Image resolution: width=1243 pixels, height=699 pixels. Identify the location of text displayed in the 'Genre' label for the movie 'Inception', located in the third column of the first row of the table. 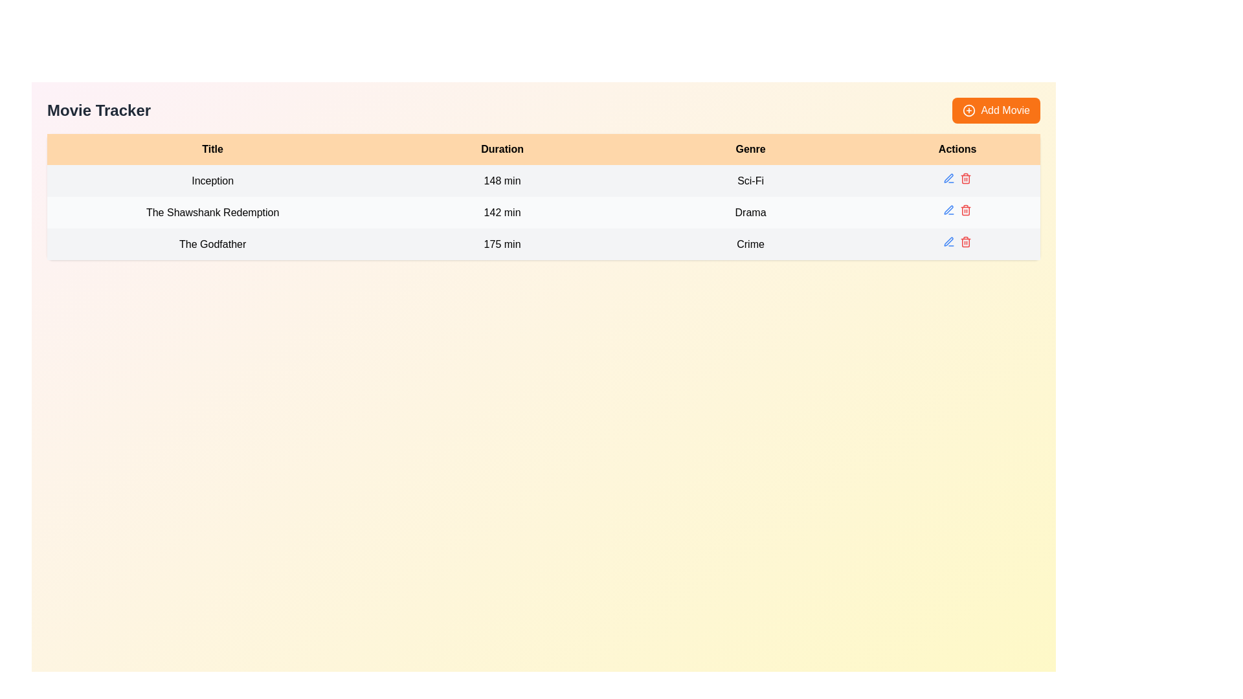
(750, 181).